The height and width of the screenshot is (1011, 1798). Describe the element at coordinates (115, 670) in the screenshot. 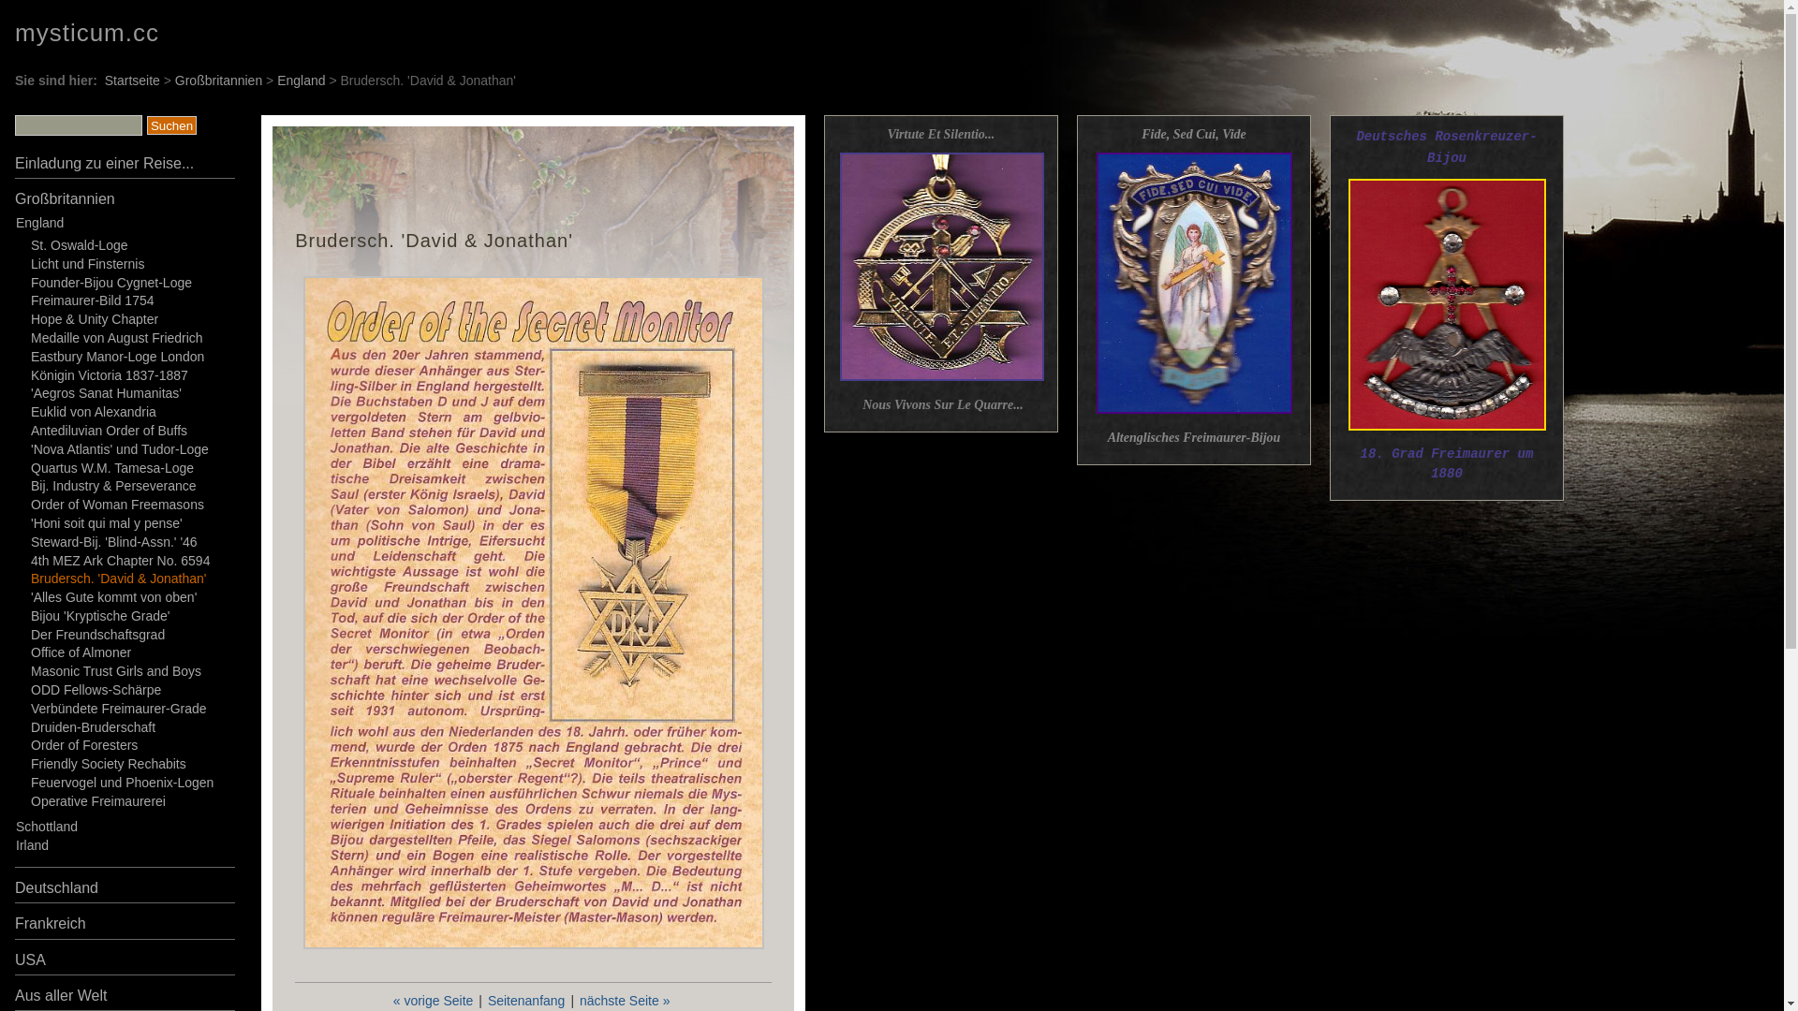

I see `'Masonic Trust Girls and Boys'` at that location.